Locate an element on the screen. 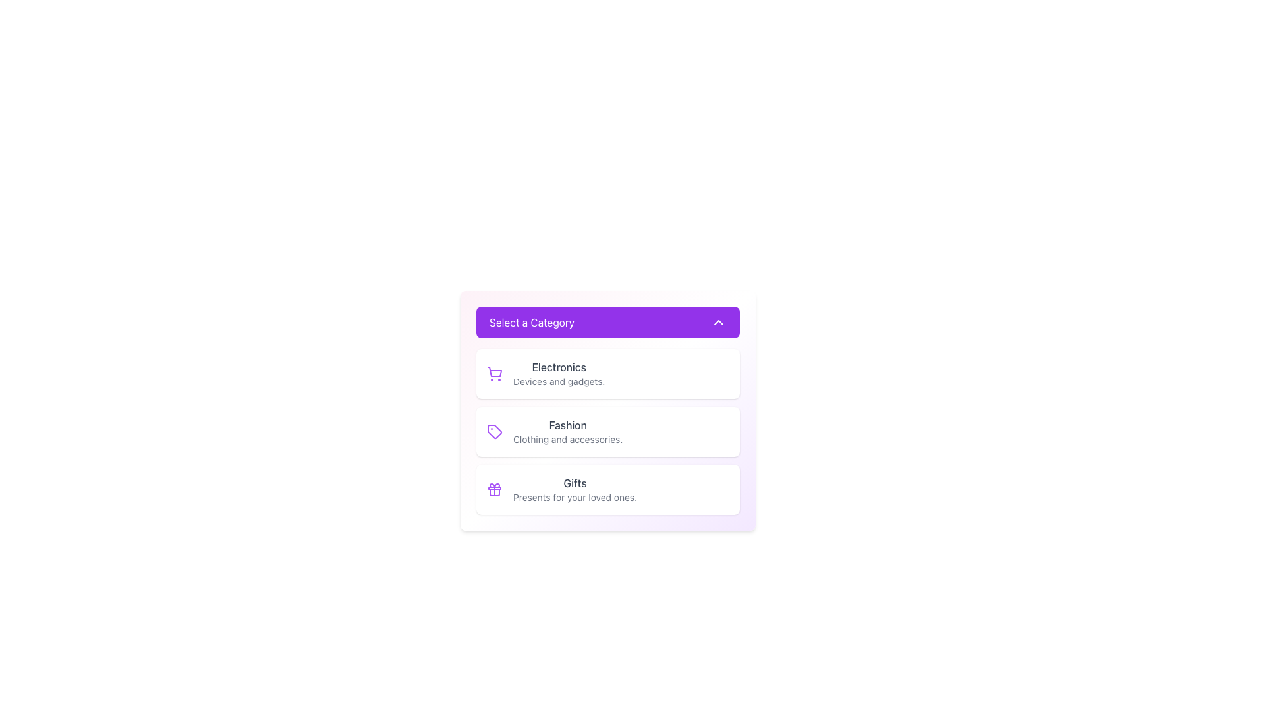 The image size is (1265, 711). the Gifts icon located to the left of the text 'Gifts' within the third item of the vertically stacked list in the menu is located at coordinates (493, 490).